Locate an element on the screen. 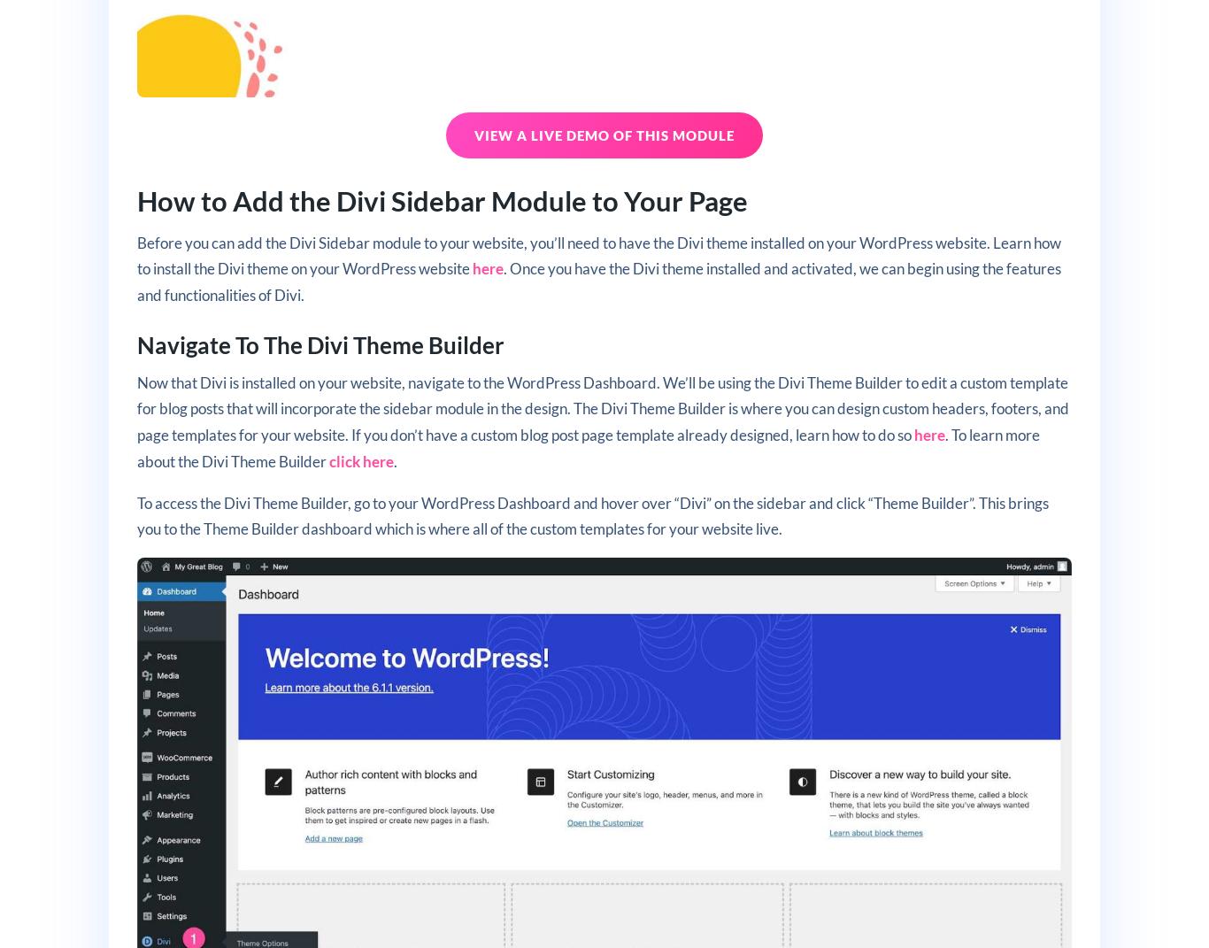 This screenshot has width=1209, height=948. '. To learn more about the Divi Theme Builder' is located at coordinates (587, 447).